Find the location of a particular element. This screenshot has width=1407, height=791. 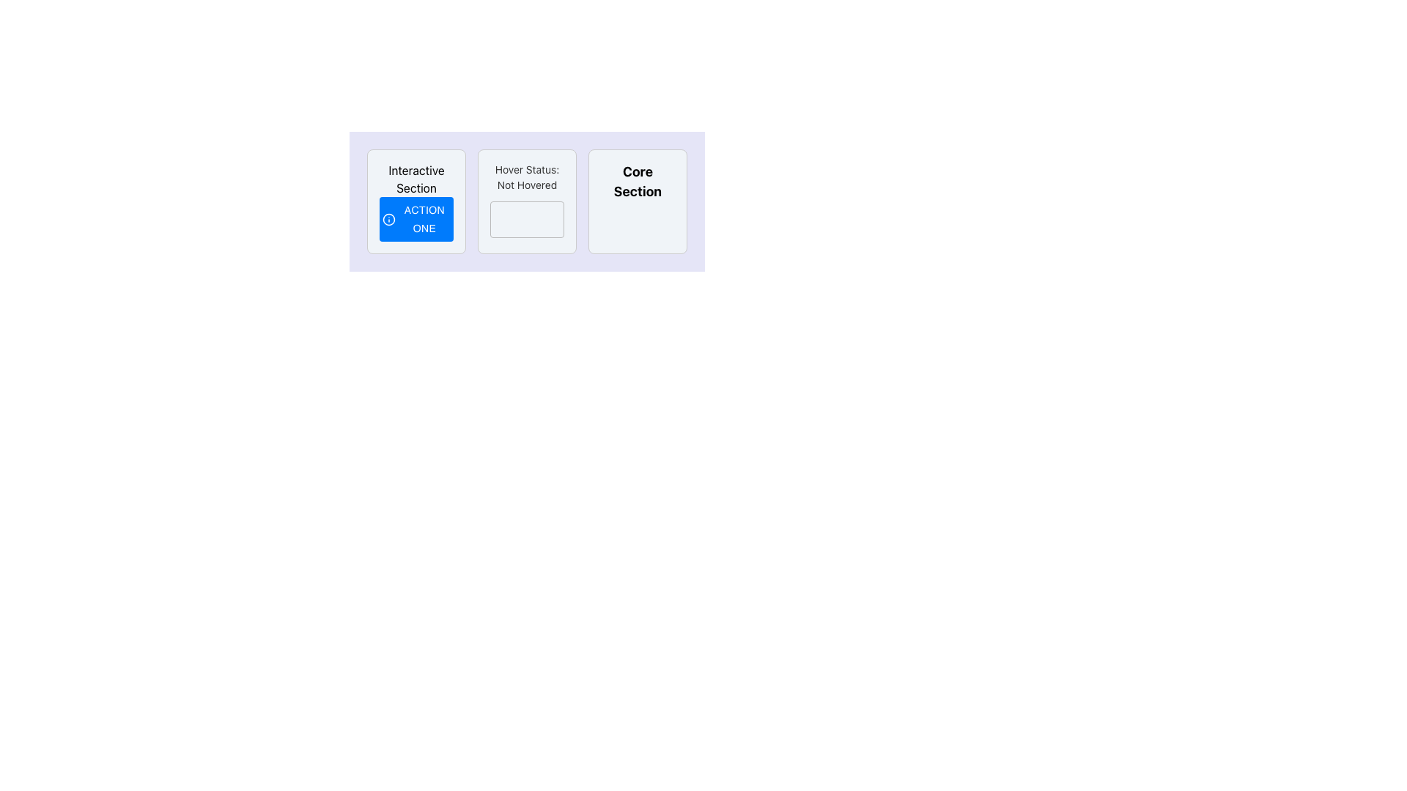

the 'Action One' button located in the 'Interactive Section' is located at coordinates (416, 219).